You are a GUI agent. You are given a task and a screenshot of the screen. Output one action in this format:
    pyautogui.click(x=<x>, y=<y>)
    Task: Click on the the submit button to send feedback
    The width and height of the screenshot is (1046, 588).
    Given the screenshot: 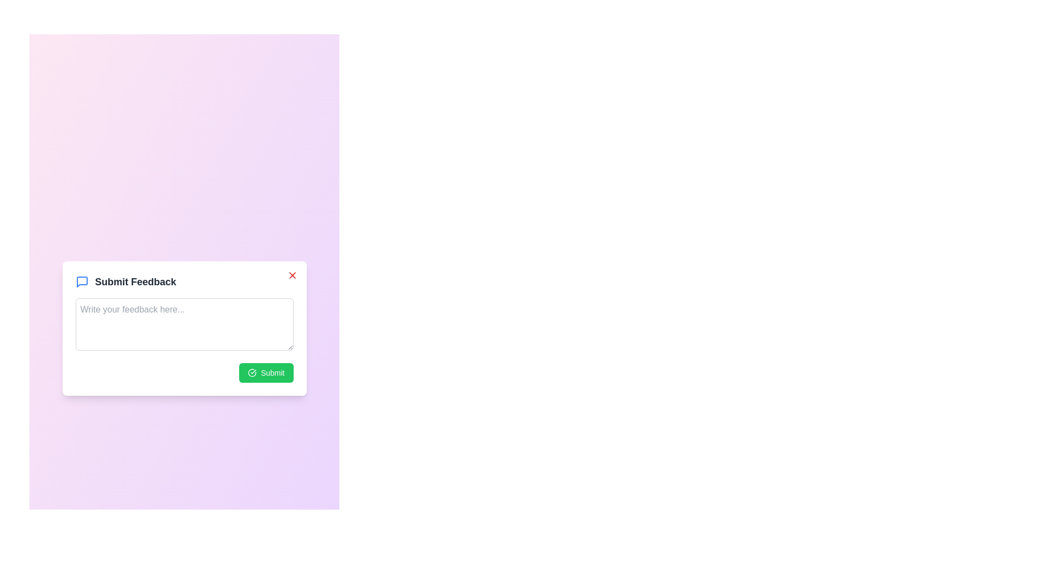 What is the action you would take?
    pyautogui.click(x=266, y=372)
    